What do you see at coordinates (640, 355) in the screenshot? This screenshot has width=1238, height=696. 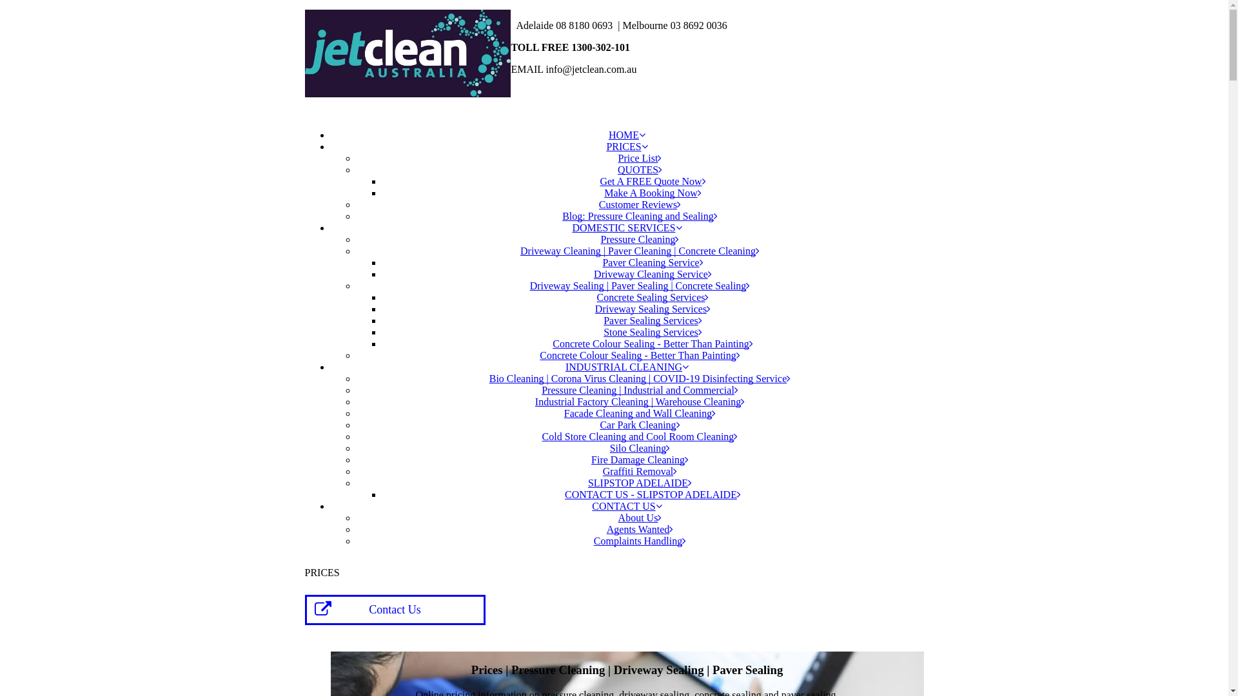 I see `'Concrete Colour Sealing - Better Than Painting'` at bounding box center [640, 355].